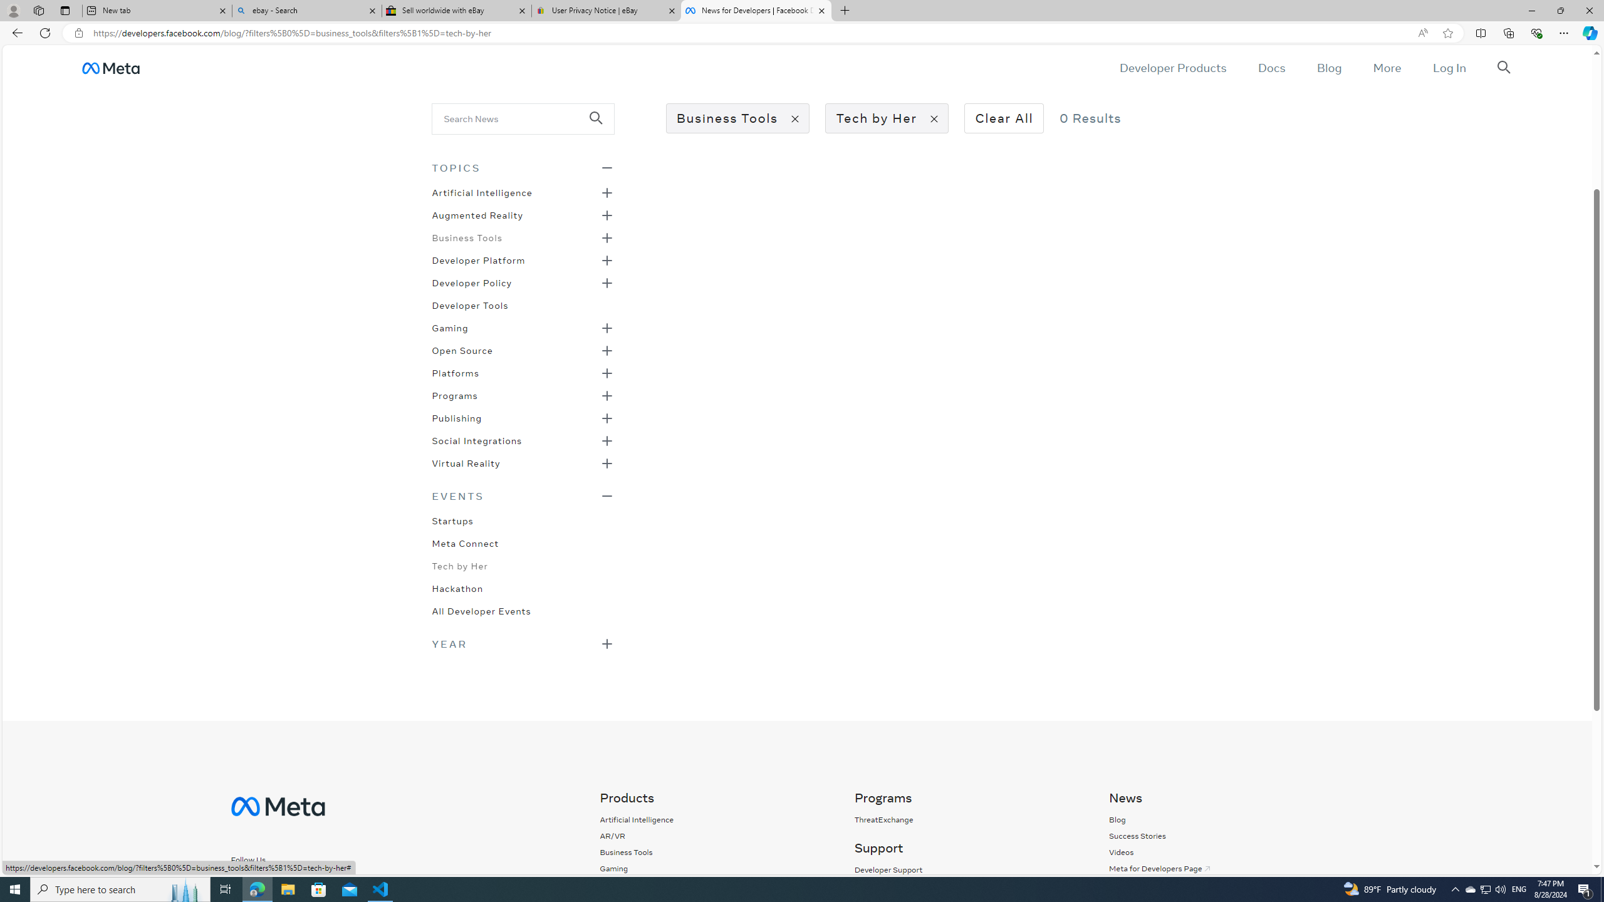  I want to click on 'Class: _8_jq', so click(291, 883).